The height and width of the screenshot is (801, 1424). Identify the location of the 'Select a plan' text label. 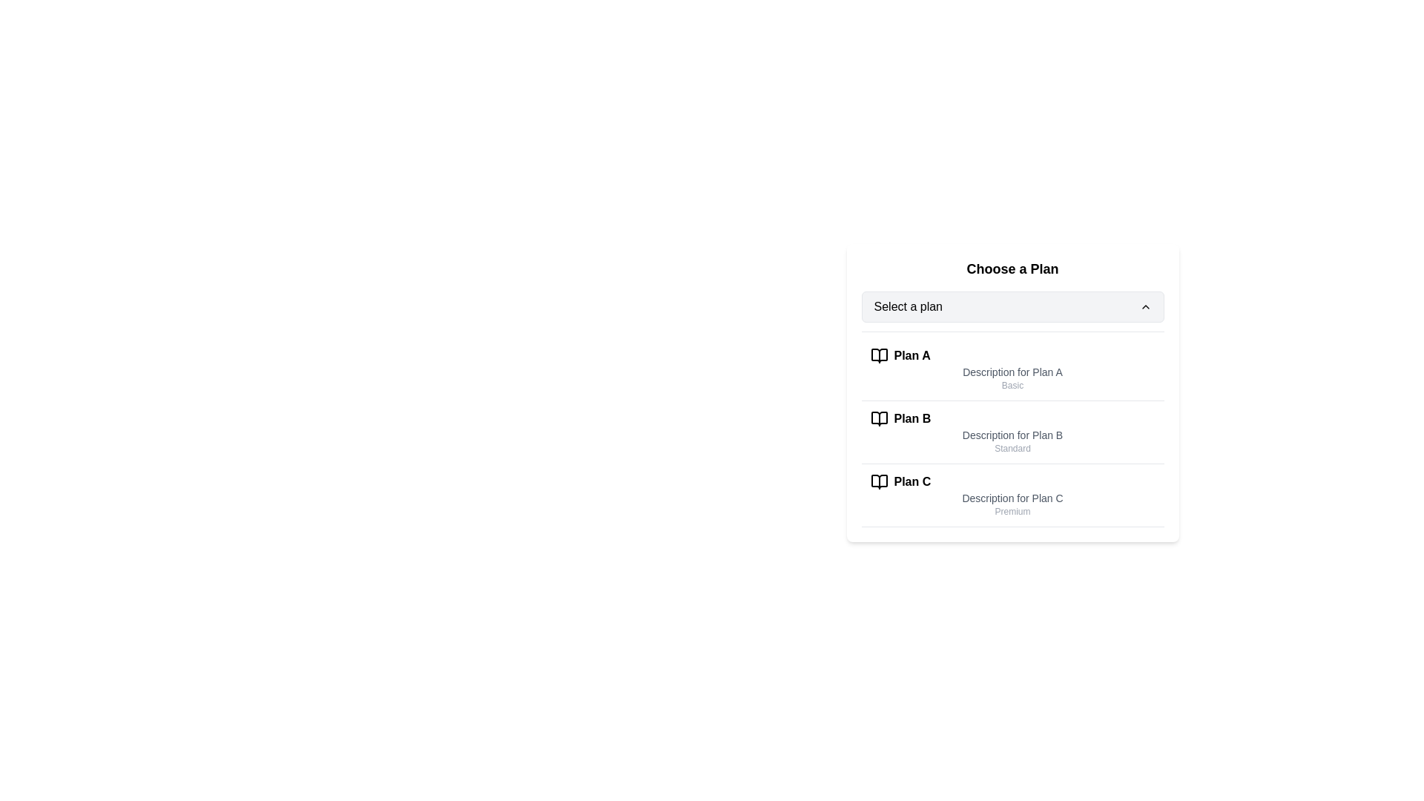
(907, 306).